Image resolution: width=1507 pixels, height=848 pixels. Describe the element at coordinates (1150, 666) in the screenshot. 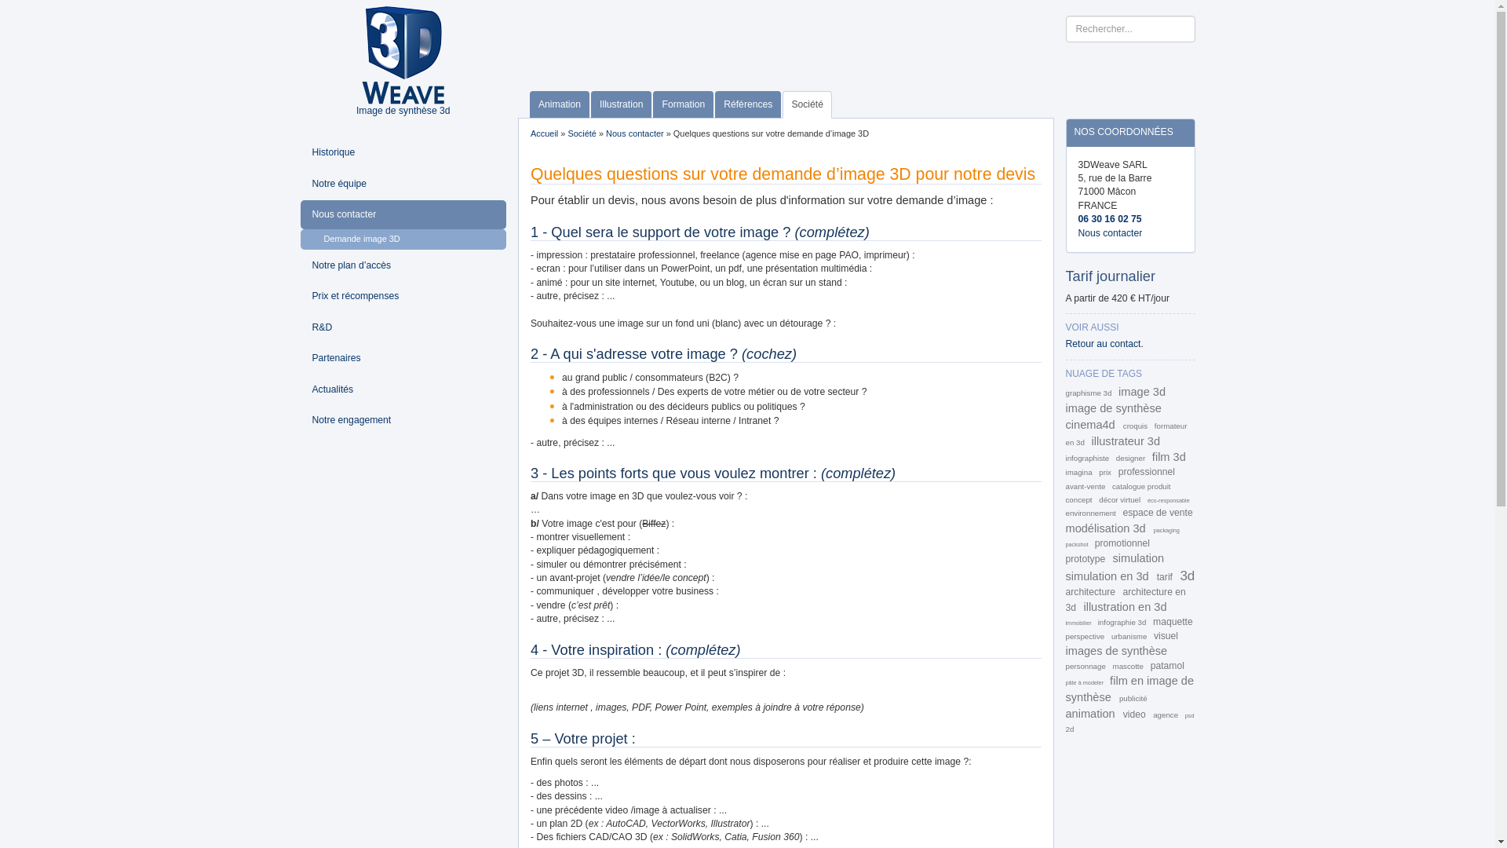

I see `'patamol'` at that location.